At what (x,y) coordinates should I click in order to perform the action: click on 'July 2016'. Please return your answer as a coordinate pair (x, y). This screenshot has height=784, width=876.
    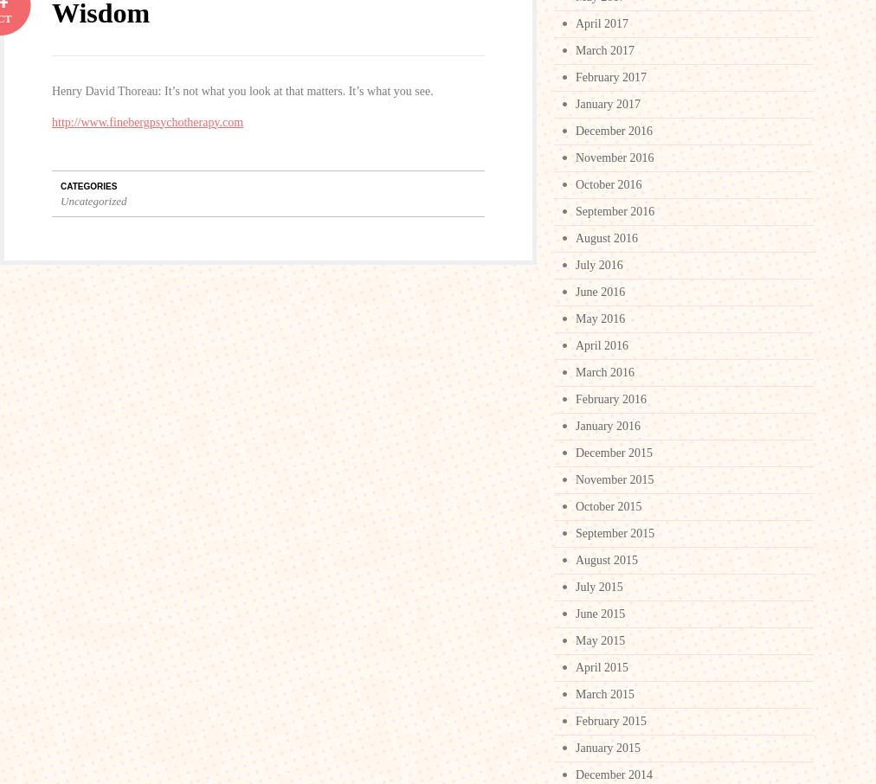
    Looking at the image, I should click on (599, 264).